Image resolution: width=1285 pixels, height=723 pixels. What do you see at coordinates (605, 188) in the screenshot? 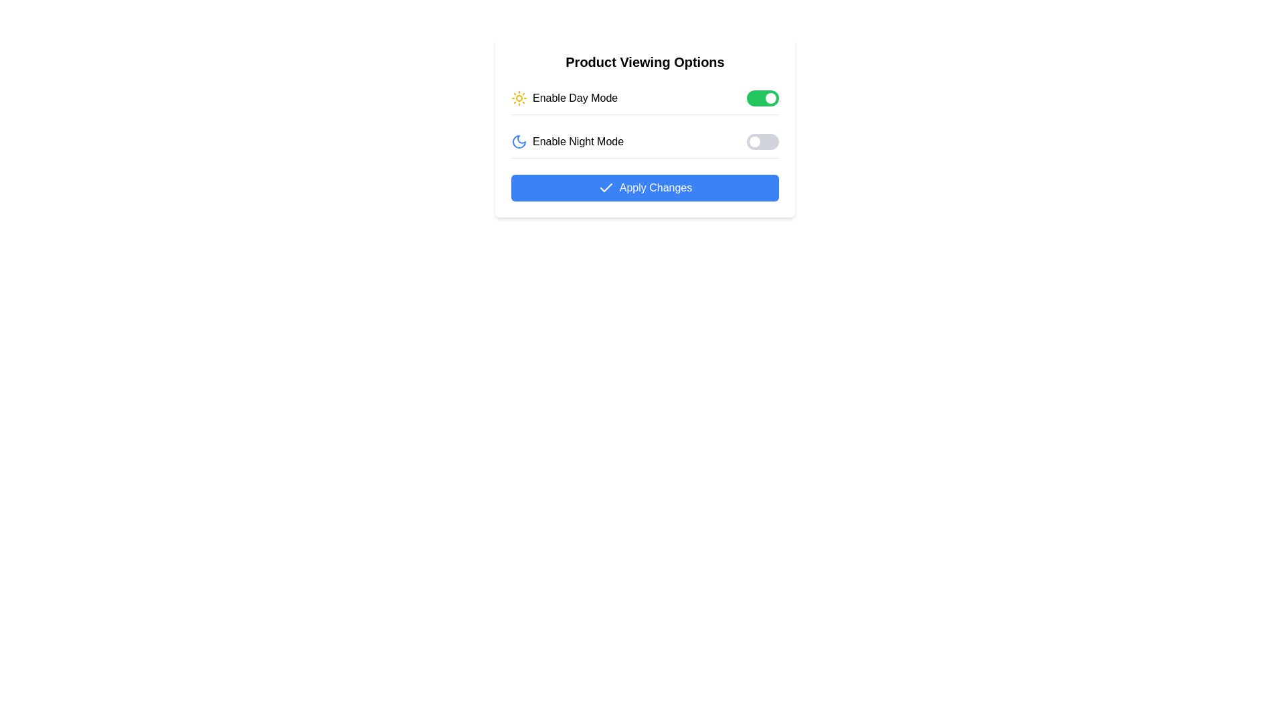
I see `the white checkmark icon within the 'Apply Changes' button, which is styled with a blue rectangle and located at the bottom of the 'Product Viewing Options' section` at bounding box center [605, 188].